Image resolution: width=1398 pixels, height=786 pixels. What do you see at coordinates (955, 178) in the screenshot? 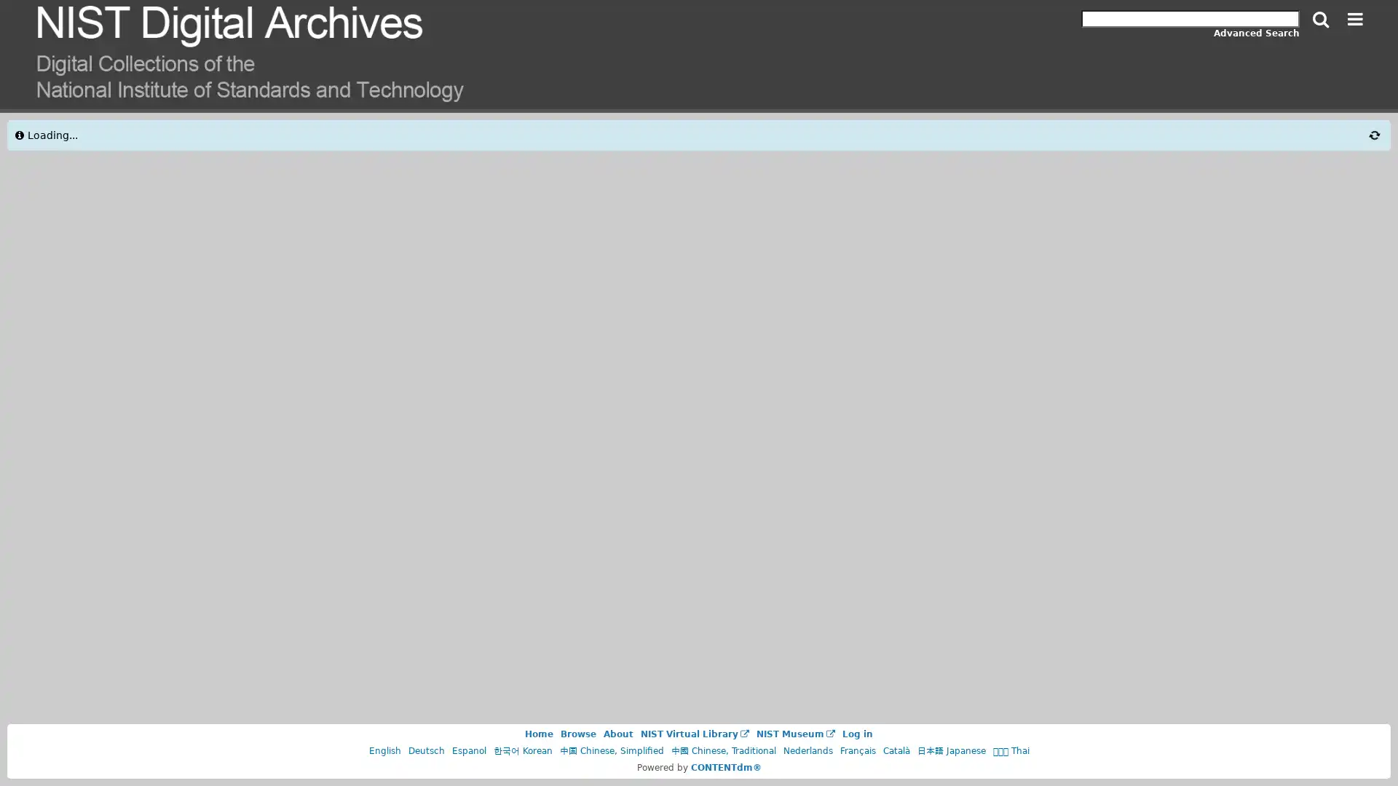
I see `Go to next page` at bounding box center [955, 178].